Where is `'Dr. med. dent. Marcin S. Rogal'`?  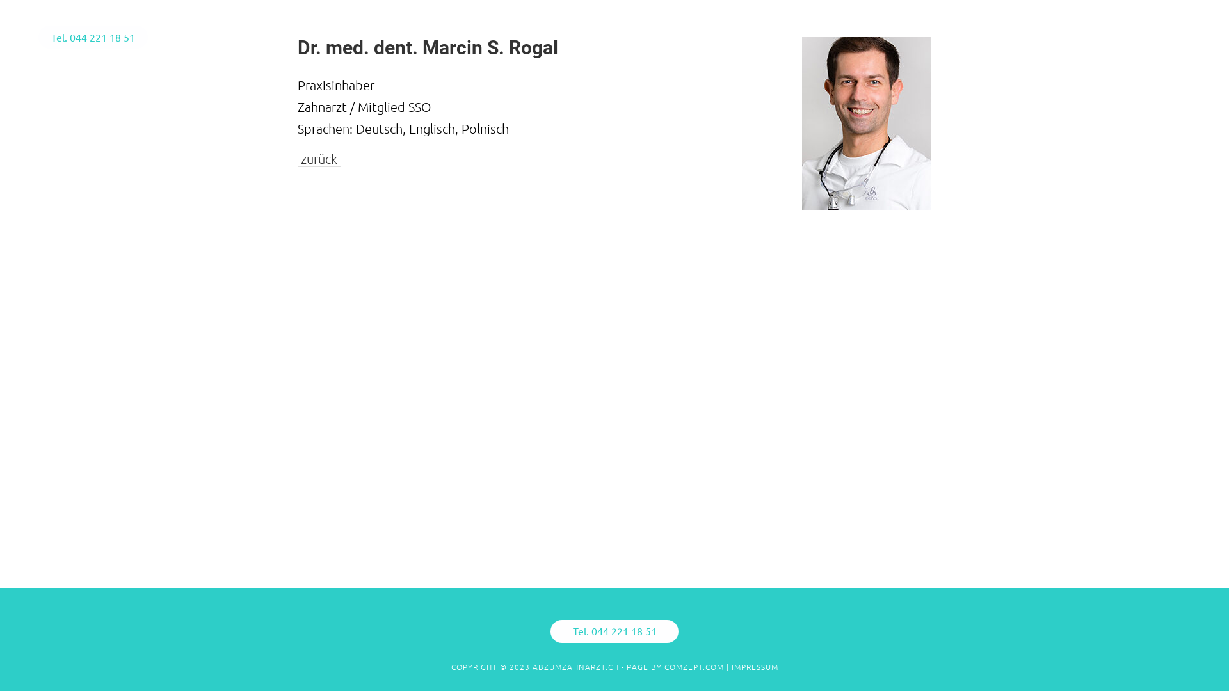
'Dr. med. dent. Marcin S. Rogal' is located at coordinates (297, 47).